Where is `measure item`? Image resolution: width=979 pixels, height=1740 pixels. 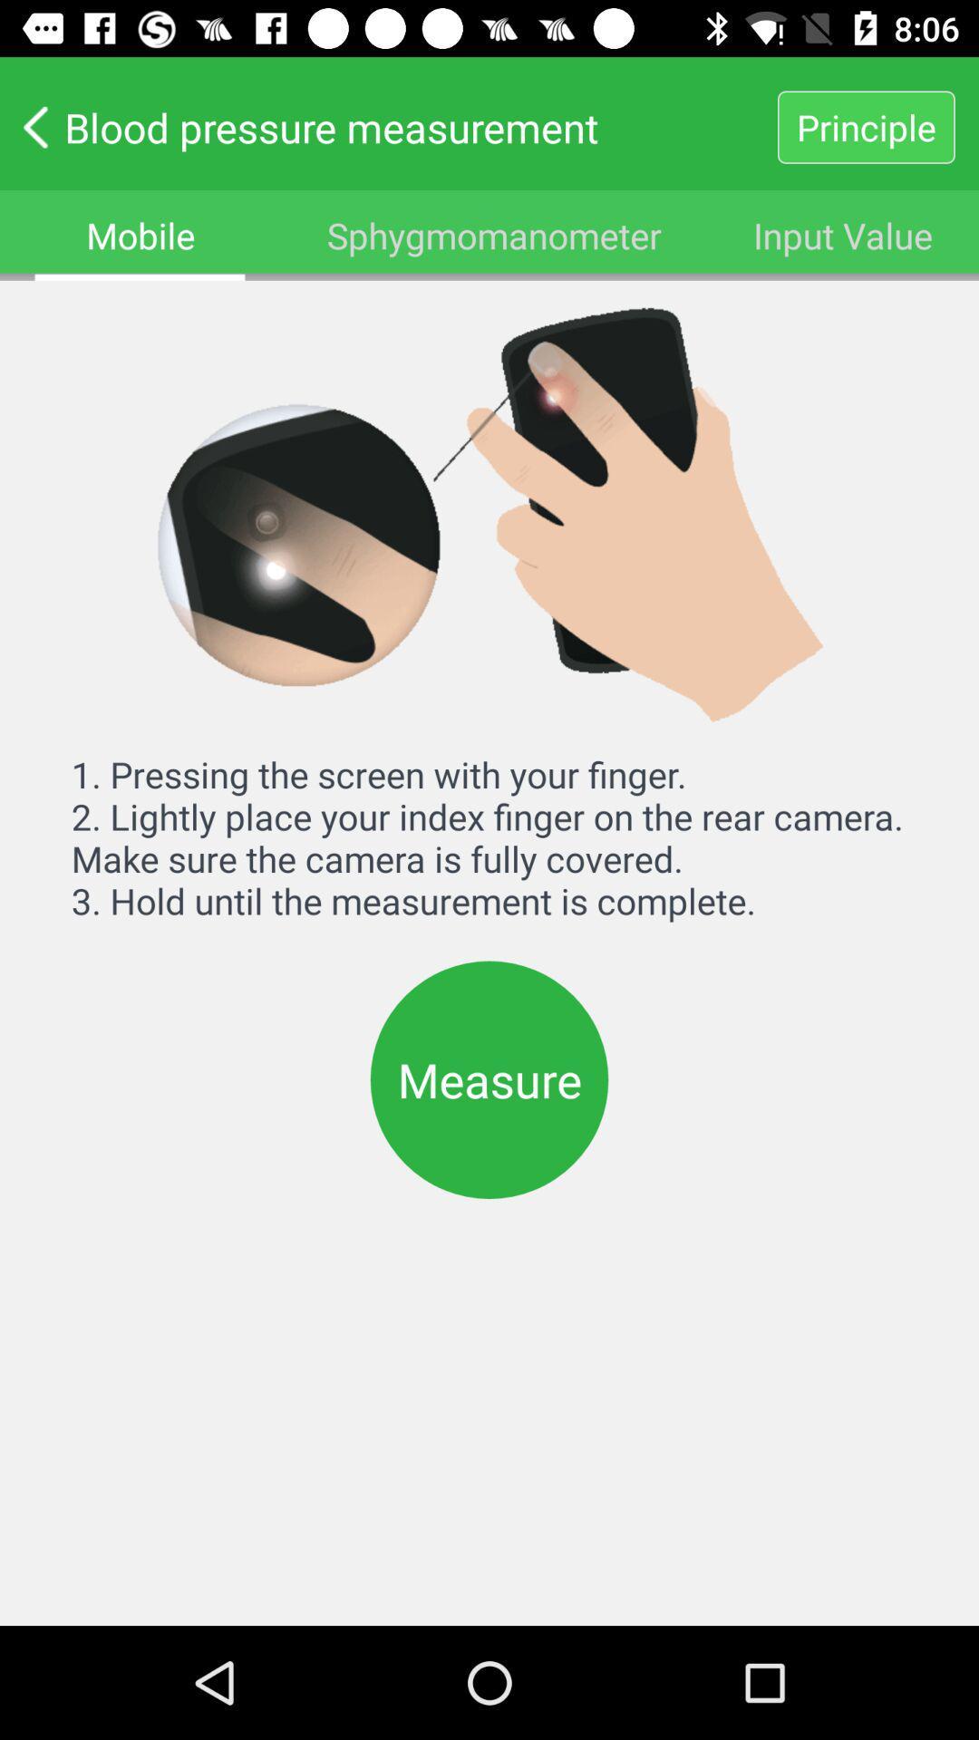
measure item is located at coordinates (489, 1079).